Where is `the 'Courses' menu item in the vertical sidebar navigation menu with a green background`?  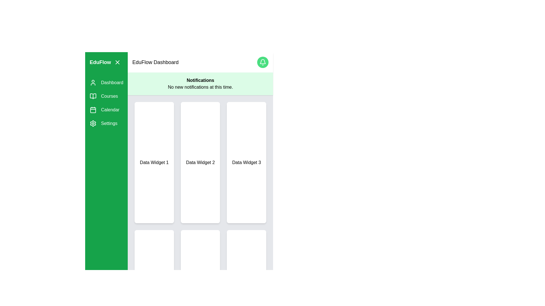 the 'Courses' menu item in the vertical sidebar navigation menu with a green background is located at coordinates (106, 103).